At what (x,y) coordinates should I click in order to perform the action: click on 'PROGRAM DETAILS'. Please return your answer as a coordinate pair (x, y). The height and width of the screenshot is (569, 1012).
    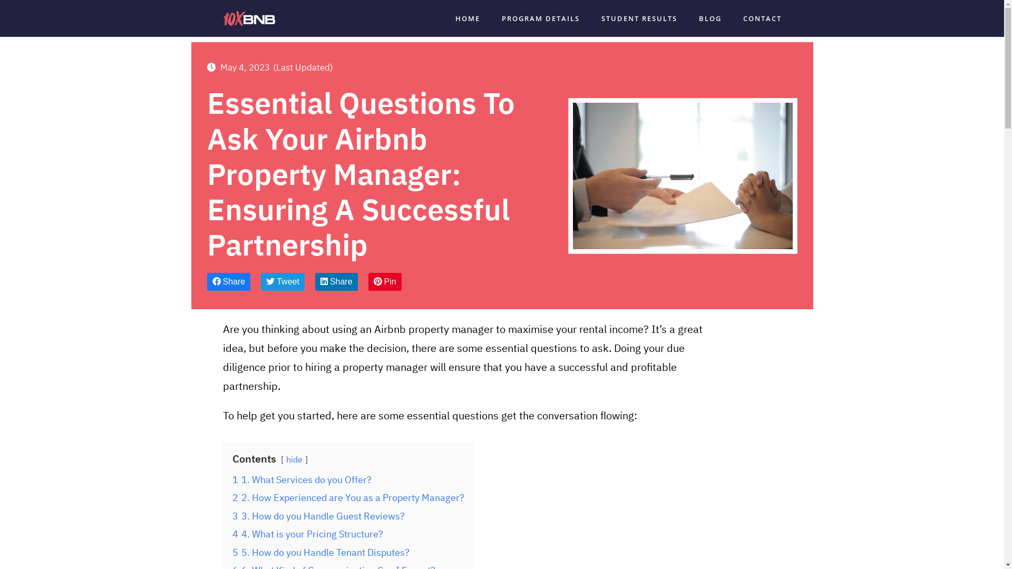
    Looking at the image, I should click on (541, 18).